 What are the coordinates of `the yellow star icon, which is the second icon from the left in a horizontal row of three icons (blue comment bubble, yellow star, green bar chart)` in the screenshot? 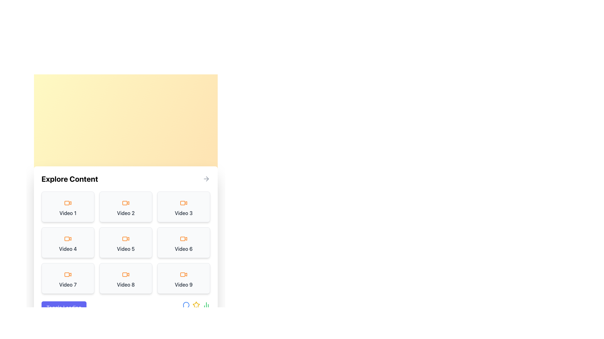 It's located at (196, 307).